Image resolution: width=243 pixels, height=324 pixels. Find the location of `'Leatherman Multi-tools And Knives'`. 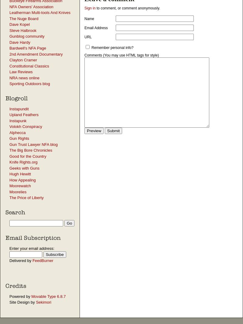

'Leatherman Multi-tools And Knives' is located at coordinates (39, 12).